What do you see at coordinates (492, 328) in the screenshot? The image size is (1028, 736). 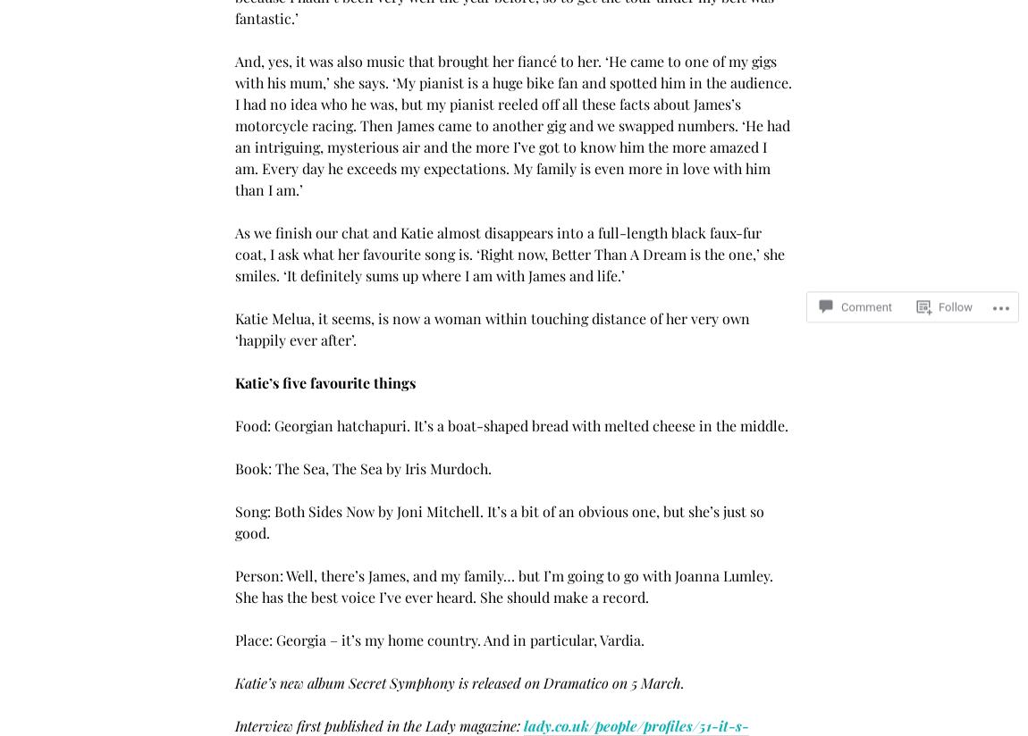 I see `'Katie Melua, it seems, is now a woman within touching distance of her very own ‘happily ever after’.'` at bounding box center [492, 328].